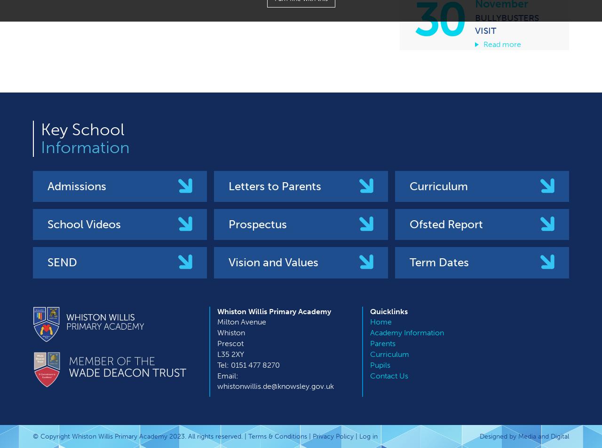 The height and width of the screenshot is (448, 602). What do you see at coordinates (242, 321) in the screenshot?
I see `'Milton Avenue'` at bounding box center [242, 321].